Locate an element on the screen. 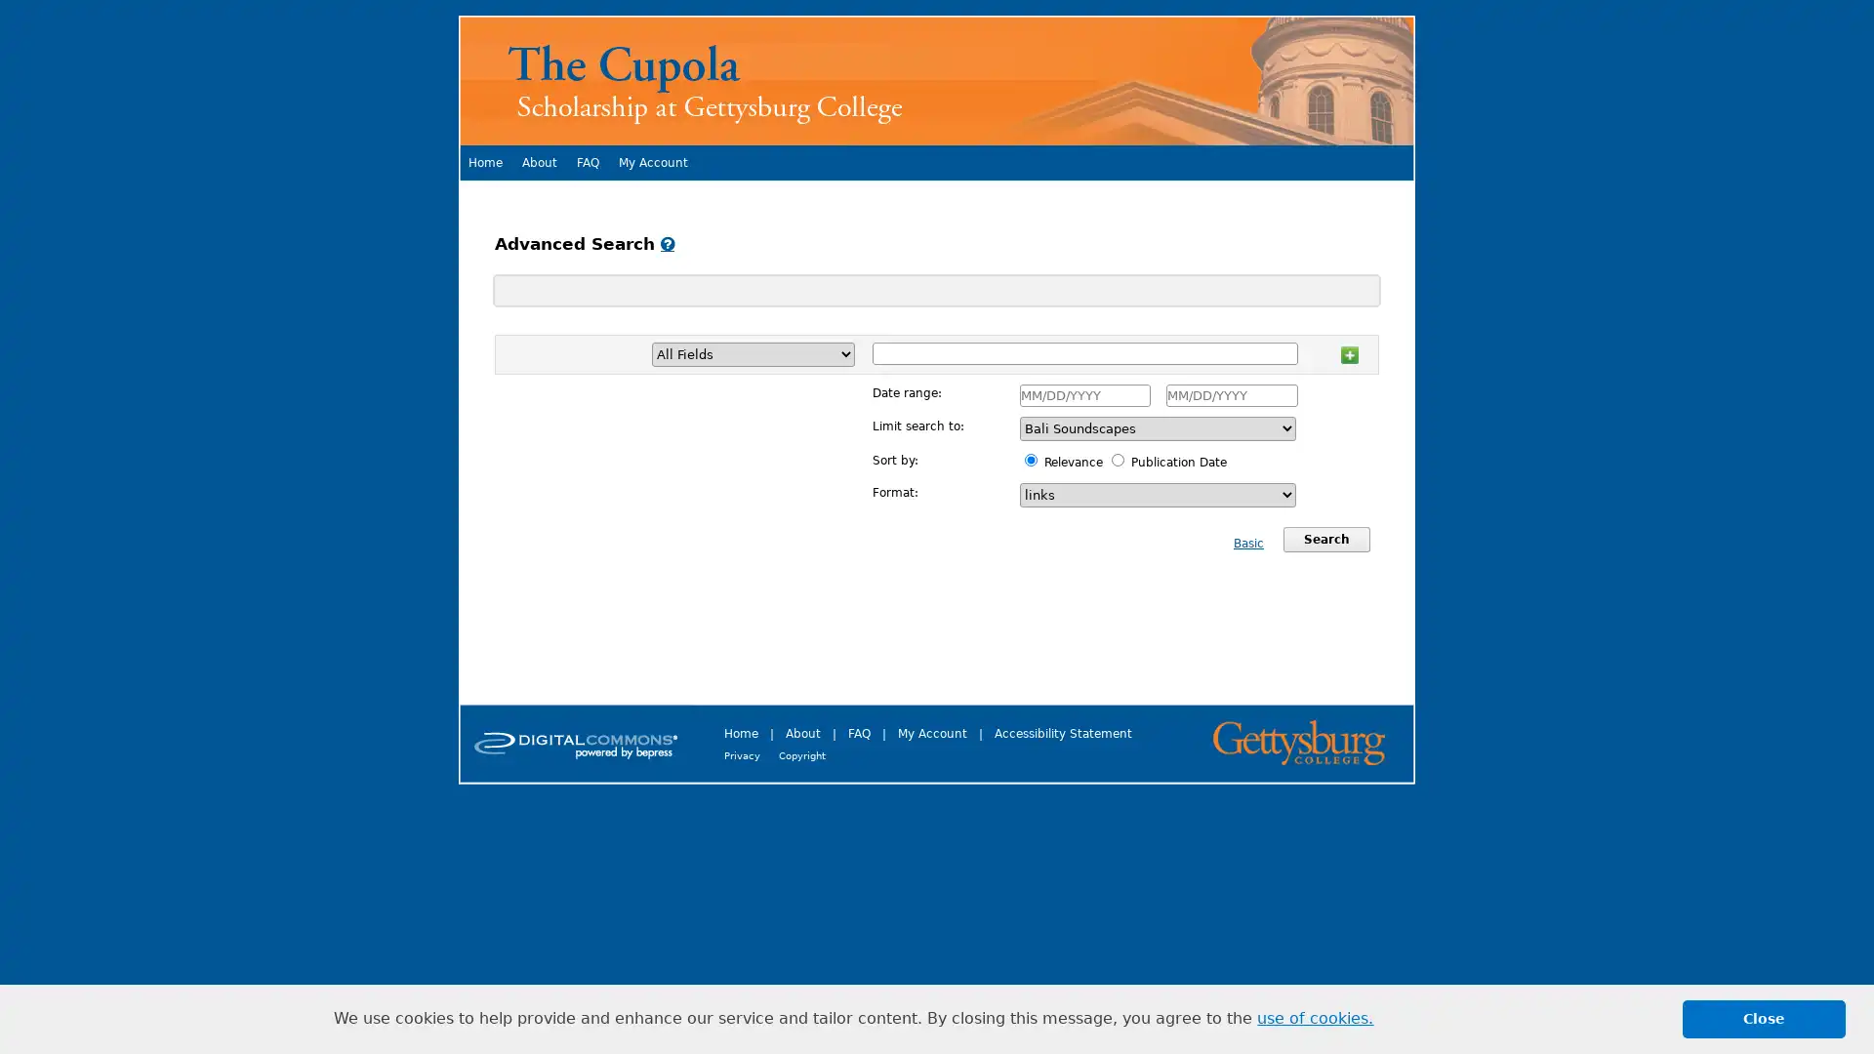  Add row 1 is located at coordinates (1348, 352).